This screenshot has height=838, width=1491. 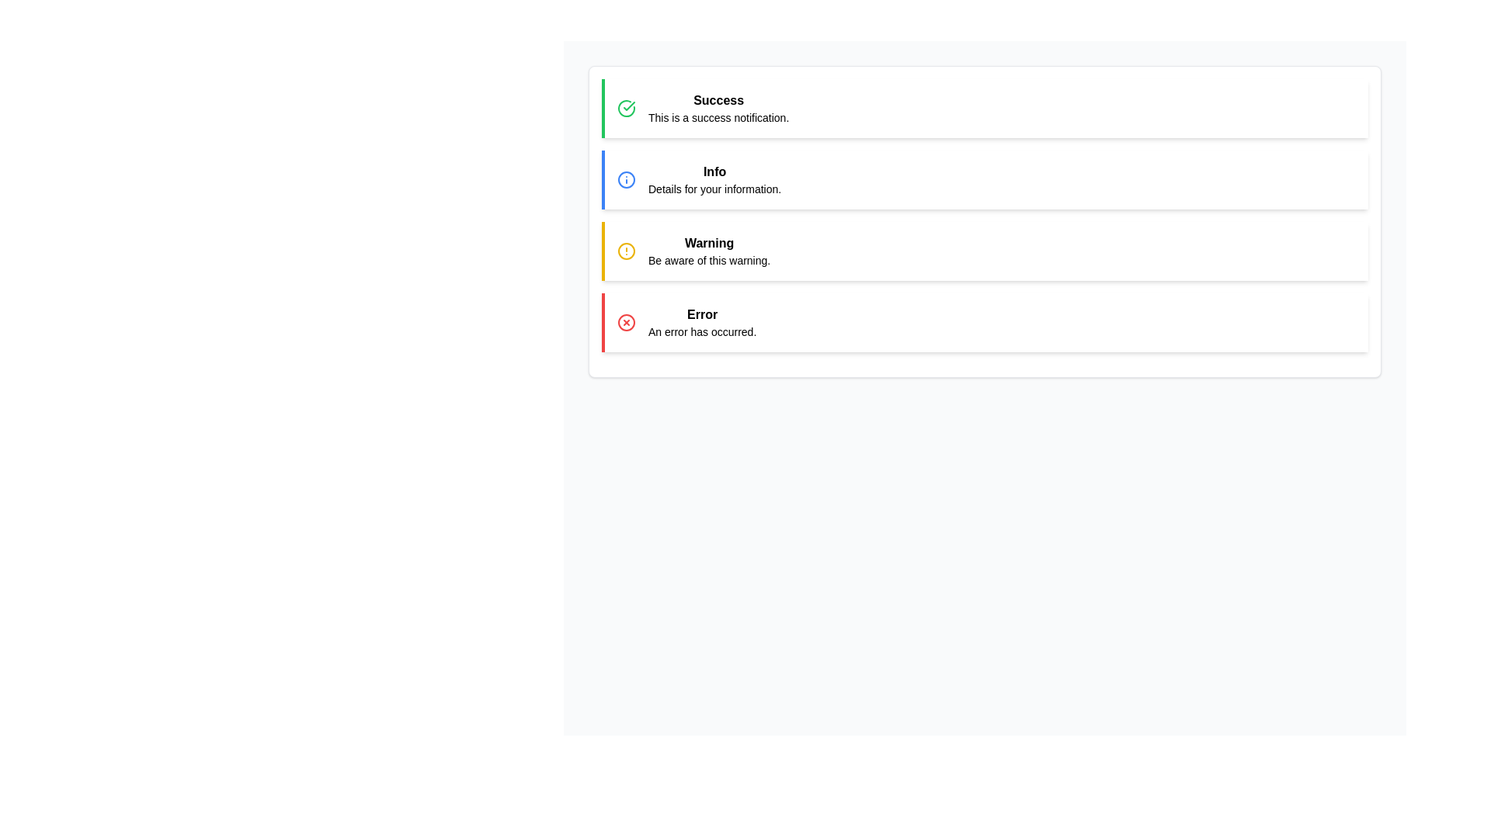 I want to click on the success icon located at the top left corner of the green bordered notification box, so click(x=626, y=107).